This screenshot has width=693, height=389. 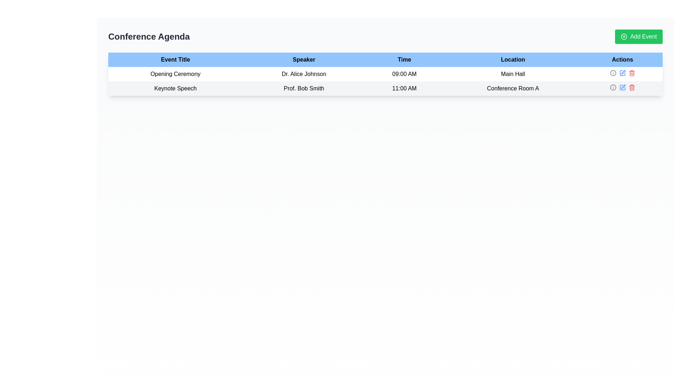 What do you see at coordinates (404, 74) in the screenshot?
I see `the text label displaying '09:00 AM' in the first row of the conference agenda table, specifically in the third column under the 'Time' section` at bounding box center [404, 74].